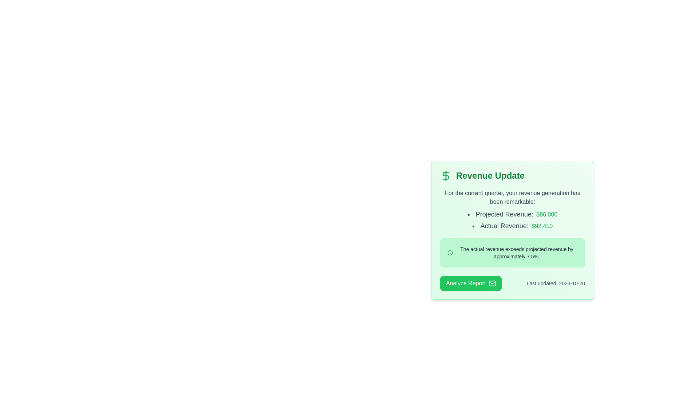  What do you see at coordinates (512, 175) in the screenshot?
I see `the header section that introduces the content about revenue updates, which includes an icon and text, located at the top of the content section` at bounding box center [512, 175].